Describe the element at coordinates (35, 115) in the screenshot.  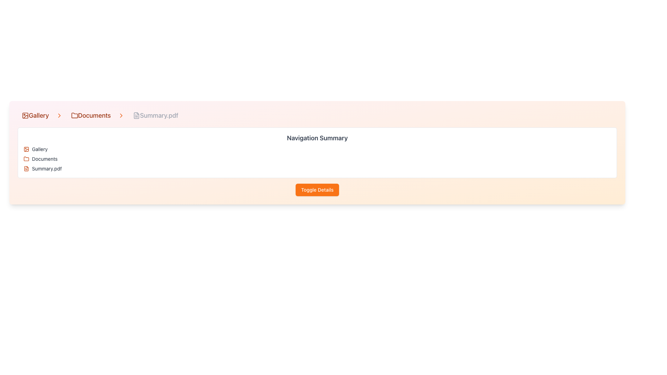
I see `the 'Gallery' navigation link, which is the first item in the breadcrumb navigation bar at the top left` at that location.